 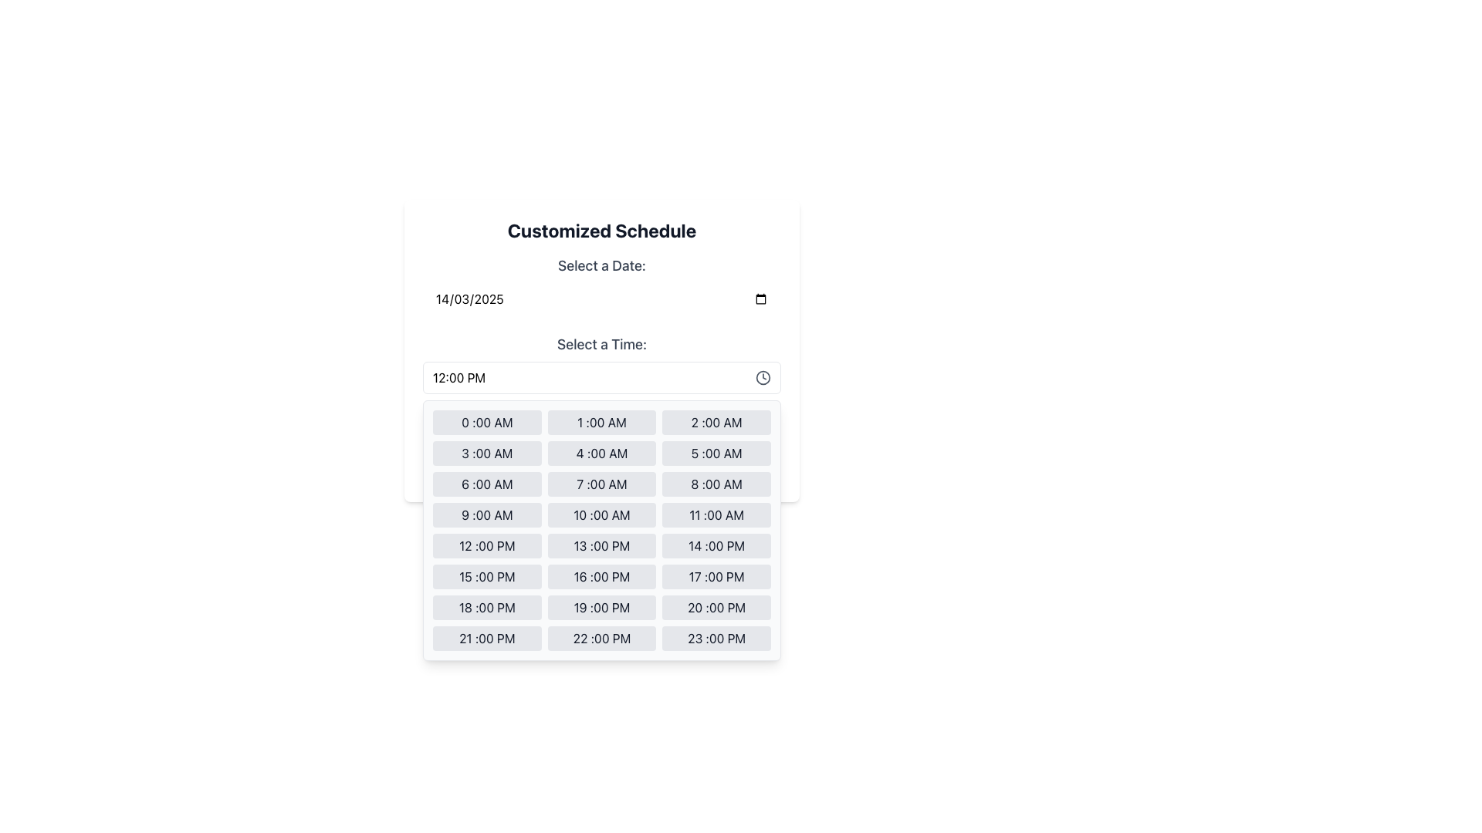 I want to click on the date picker input field styled with rounded corners and a placeholder displaying '14/03/2025', so click(x=601, y=299).